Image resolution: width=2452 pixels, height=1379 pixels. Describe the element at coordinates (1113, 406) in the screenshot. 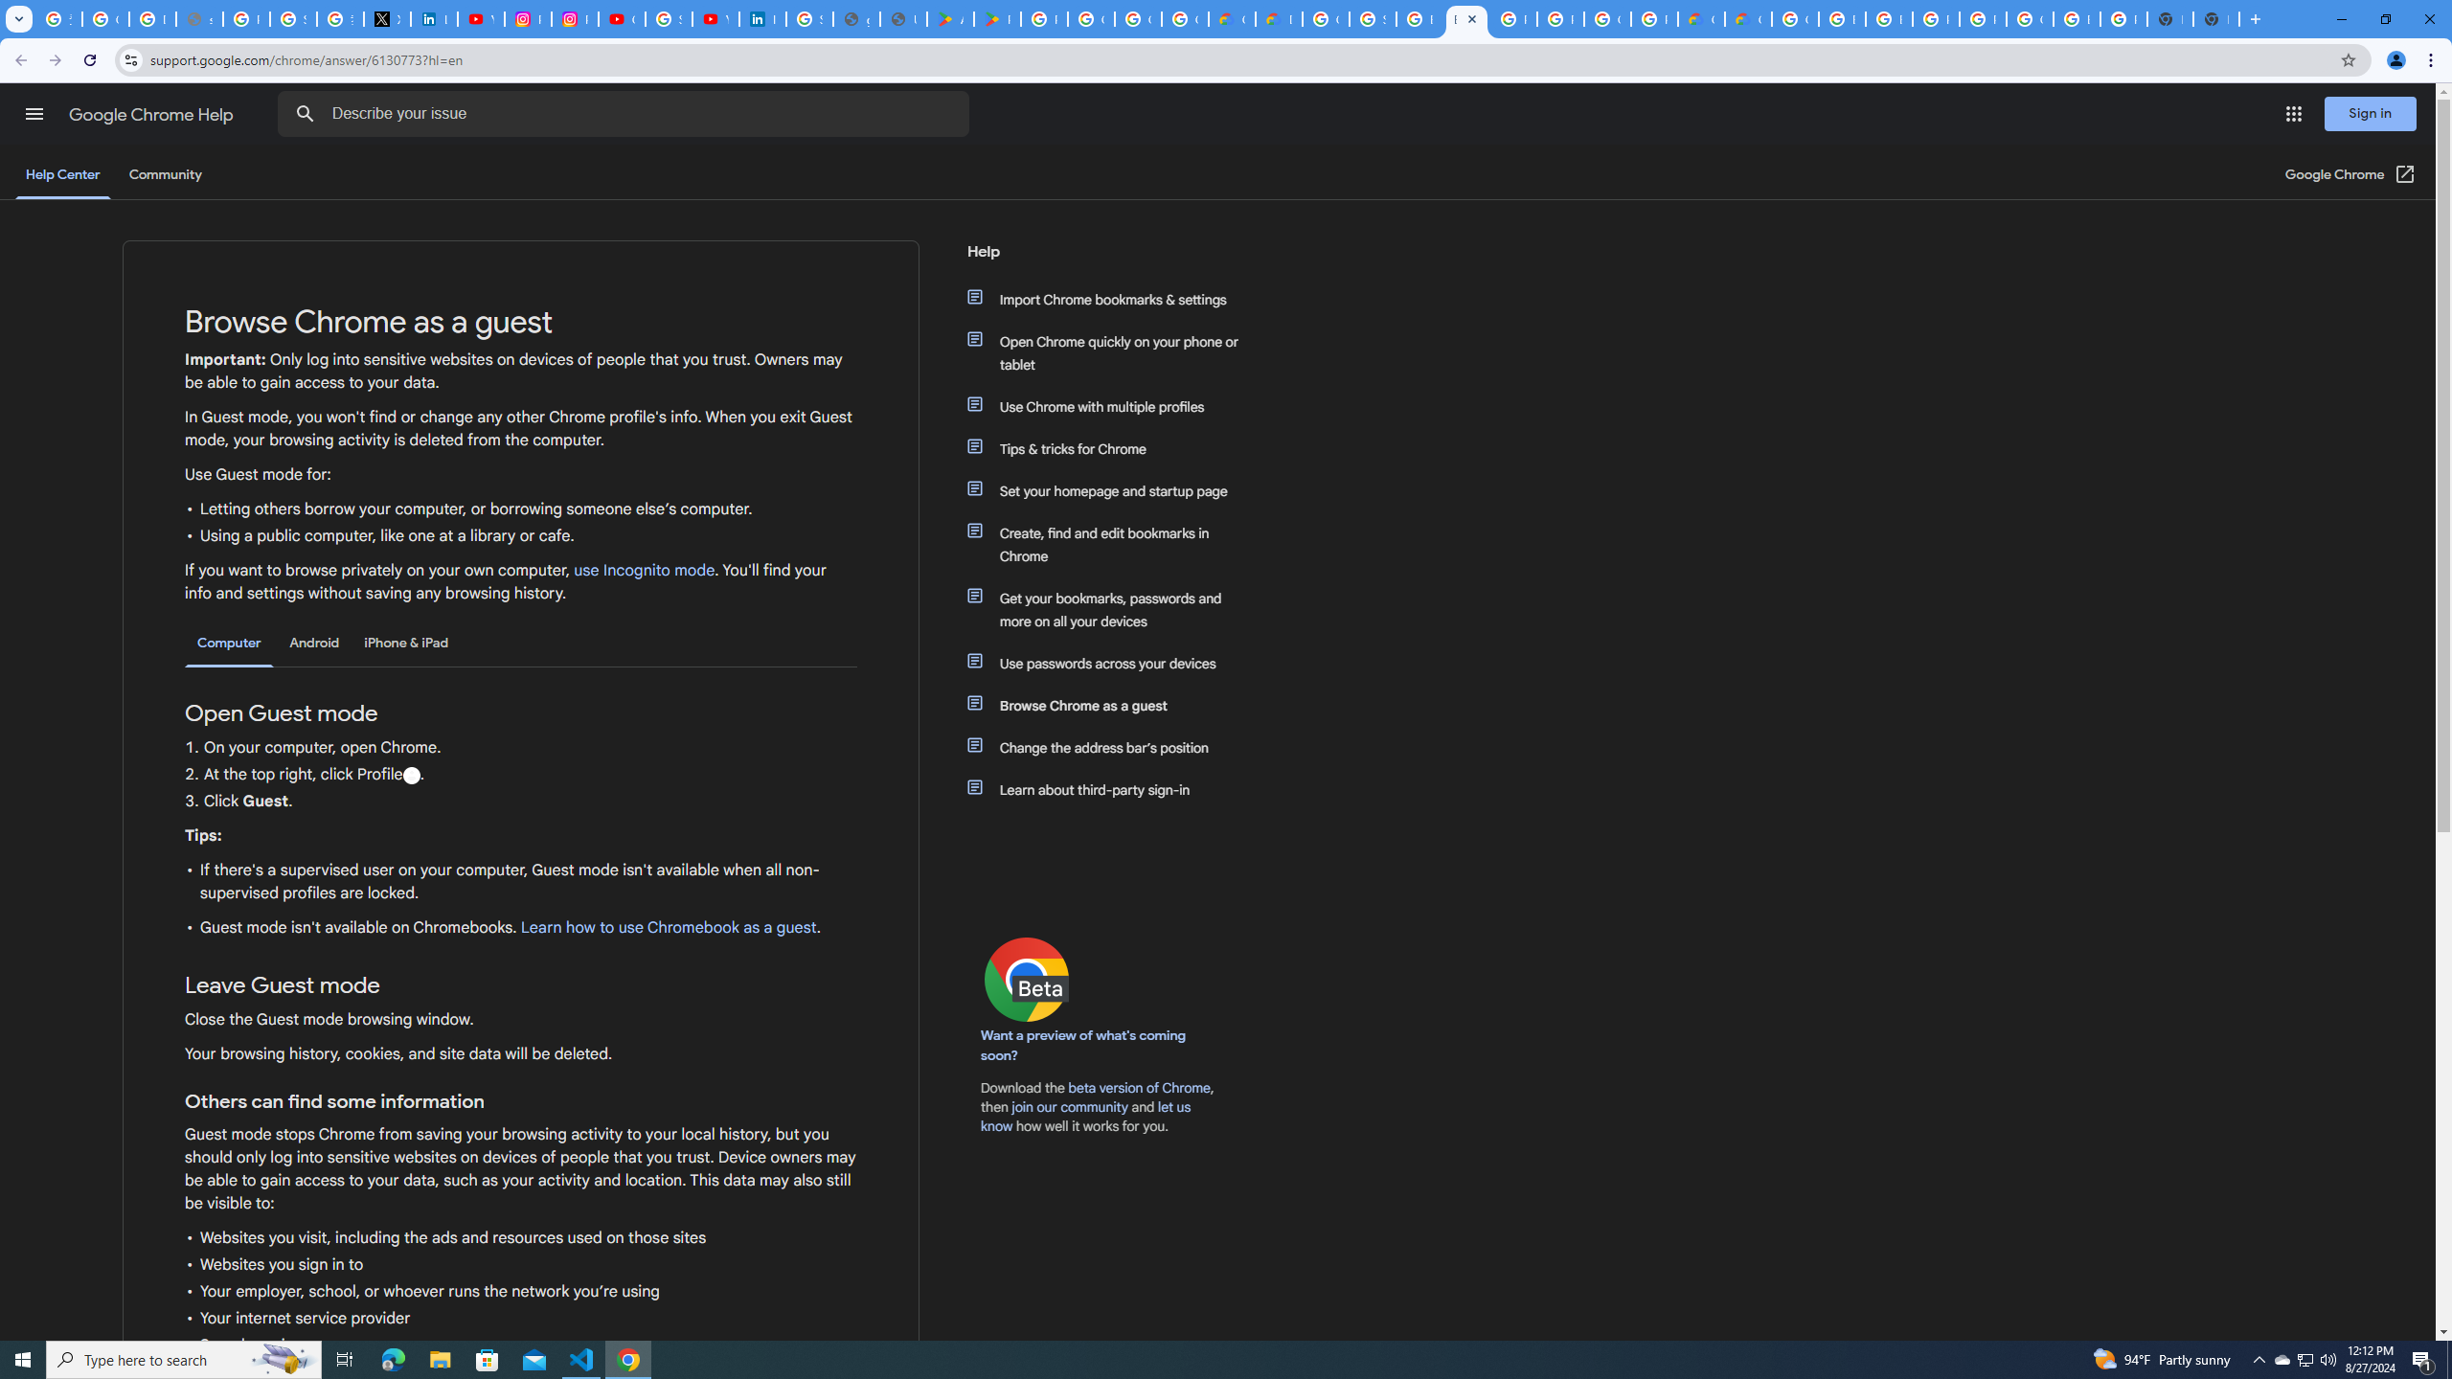

I see `'Use Chrome with multiple profiles'` at that location.